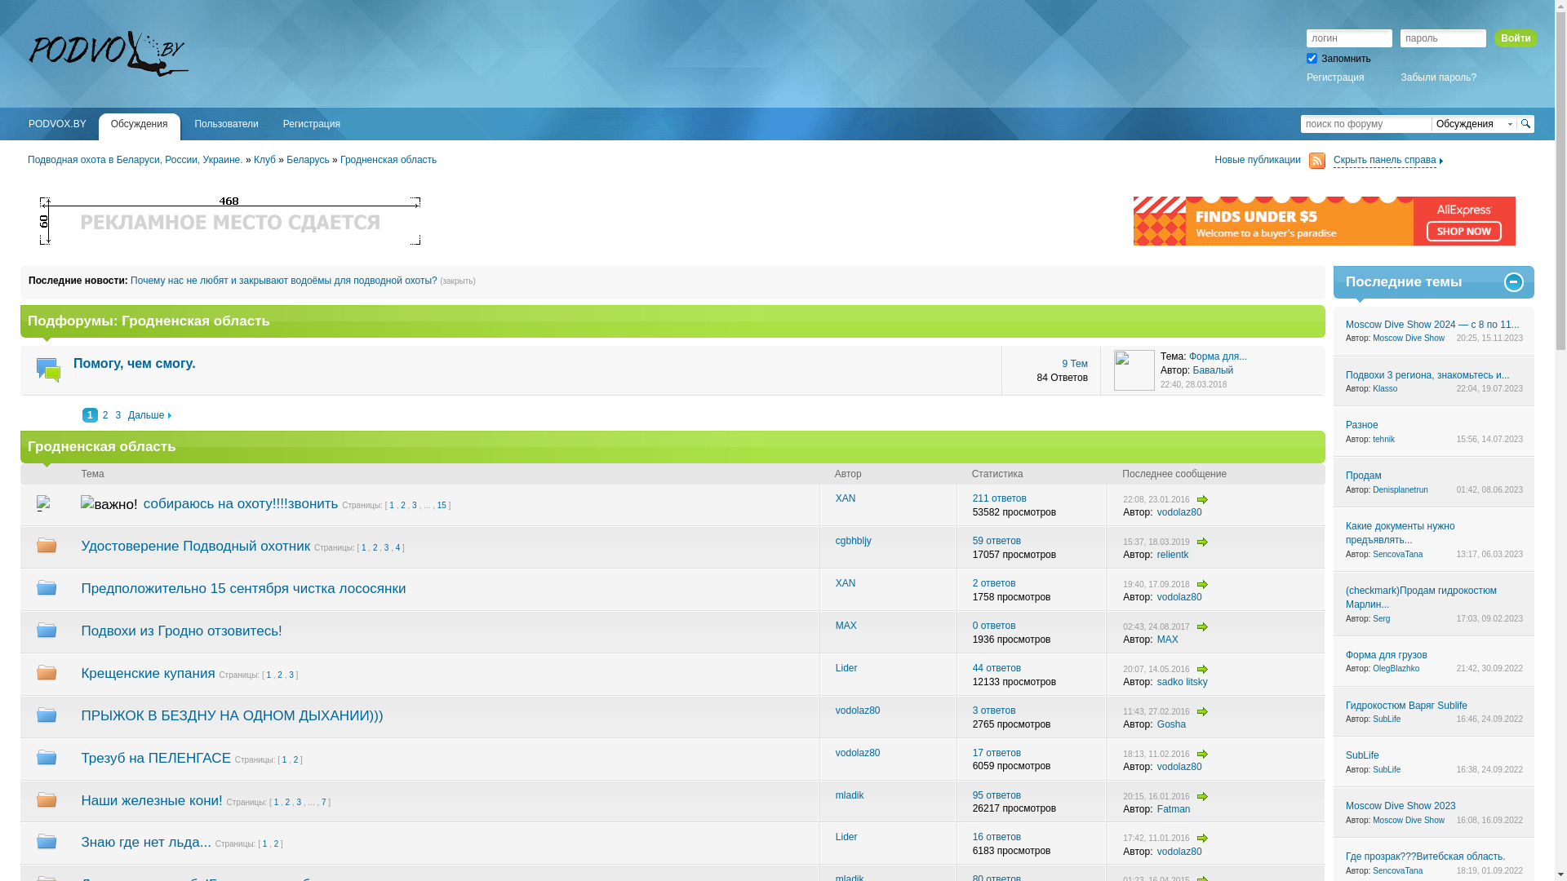 This screenshot has width=1567, height=881. Describe the element at coordinates (1179, 851) in the screenshot. I see `'vodolaz80'` at that location.